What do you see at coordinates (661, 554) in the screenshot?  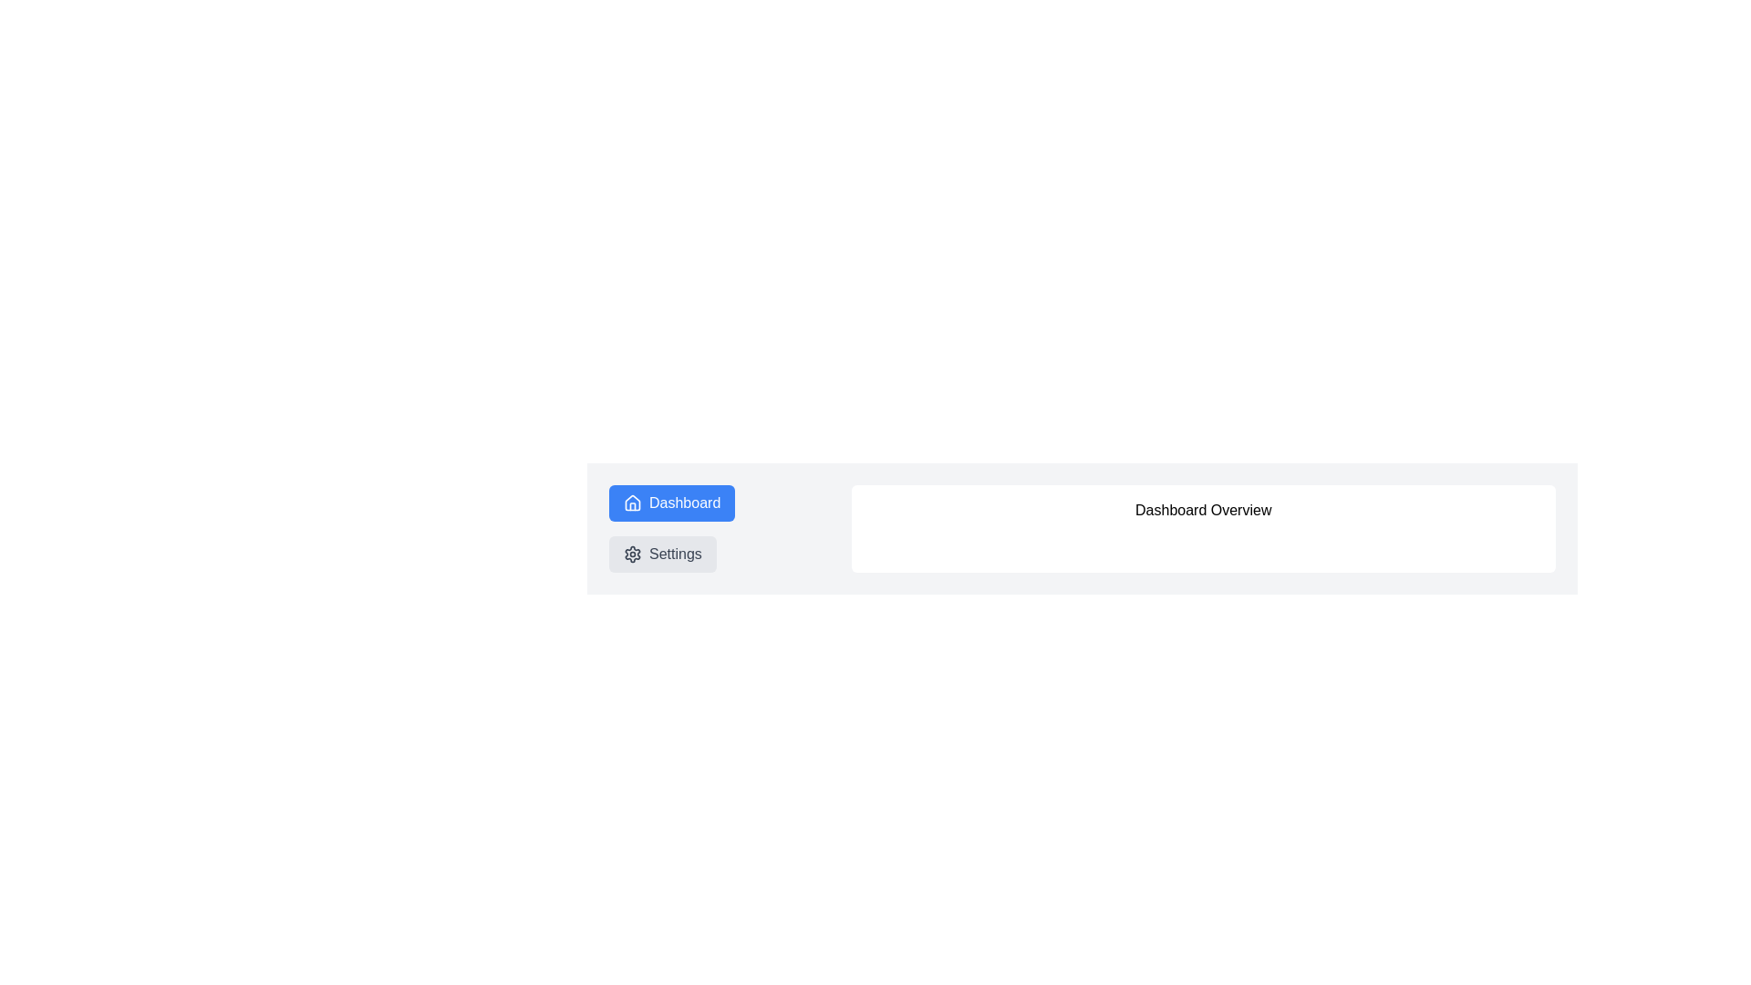 I see `the 'Settings' button` at bounding box center [661, 554].